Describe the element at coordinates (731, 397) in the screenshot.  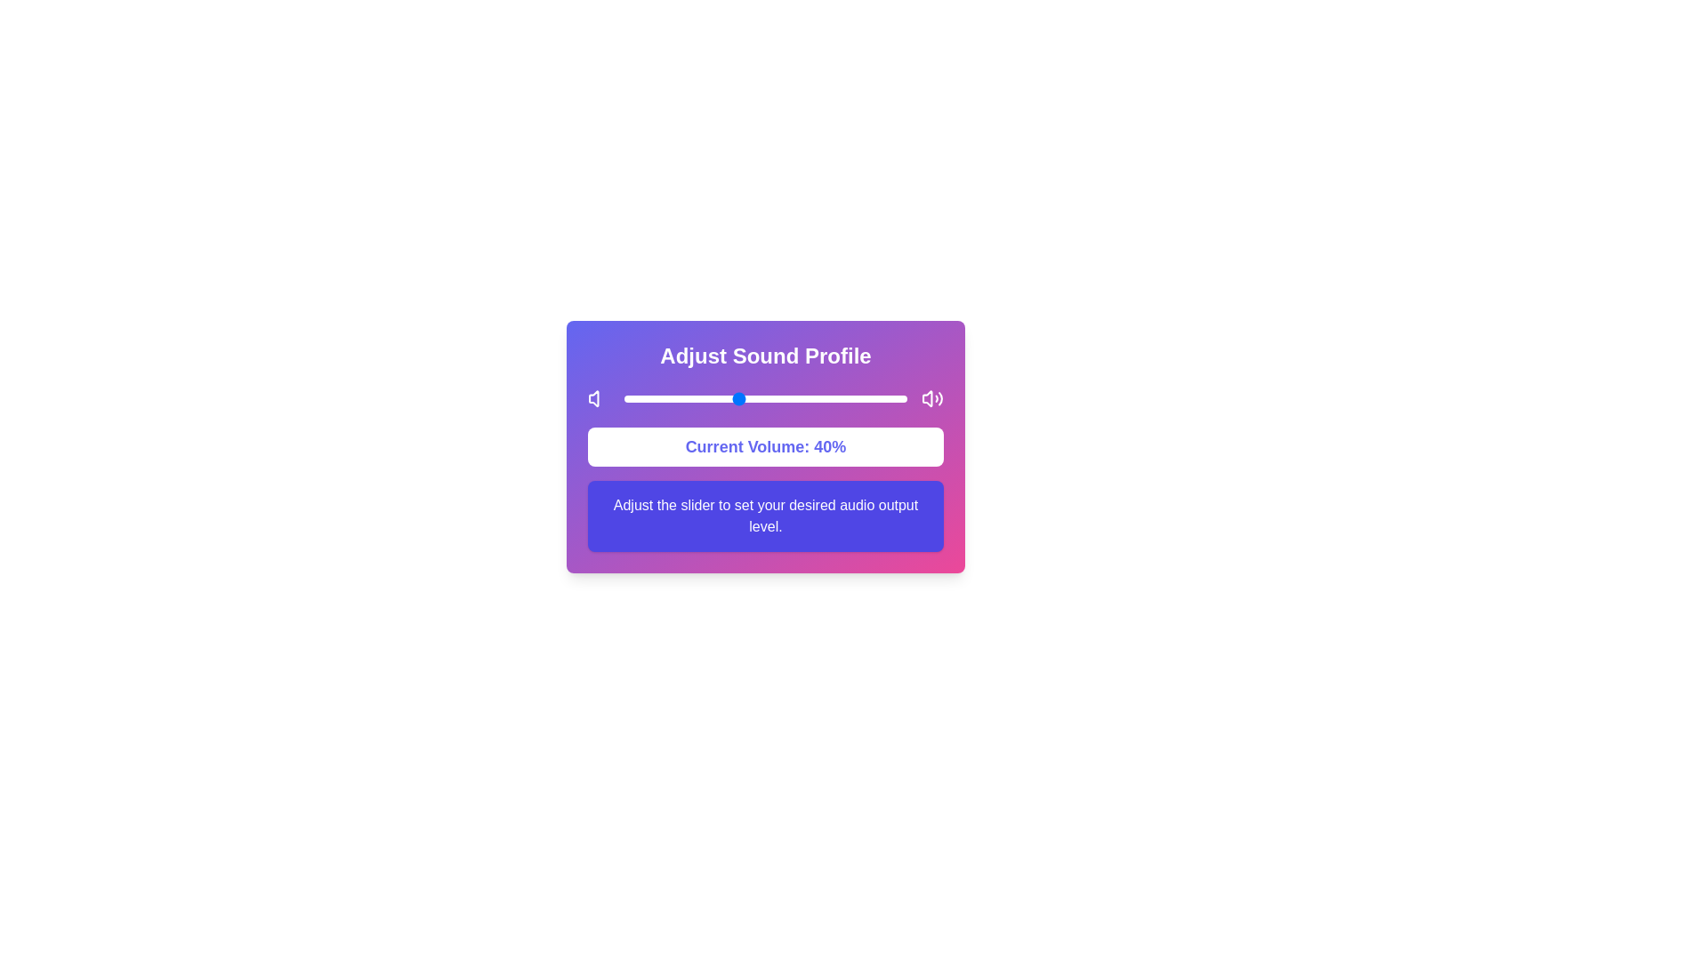
I see `the slider to set the sound level to 38` at that location.